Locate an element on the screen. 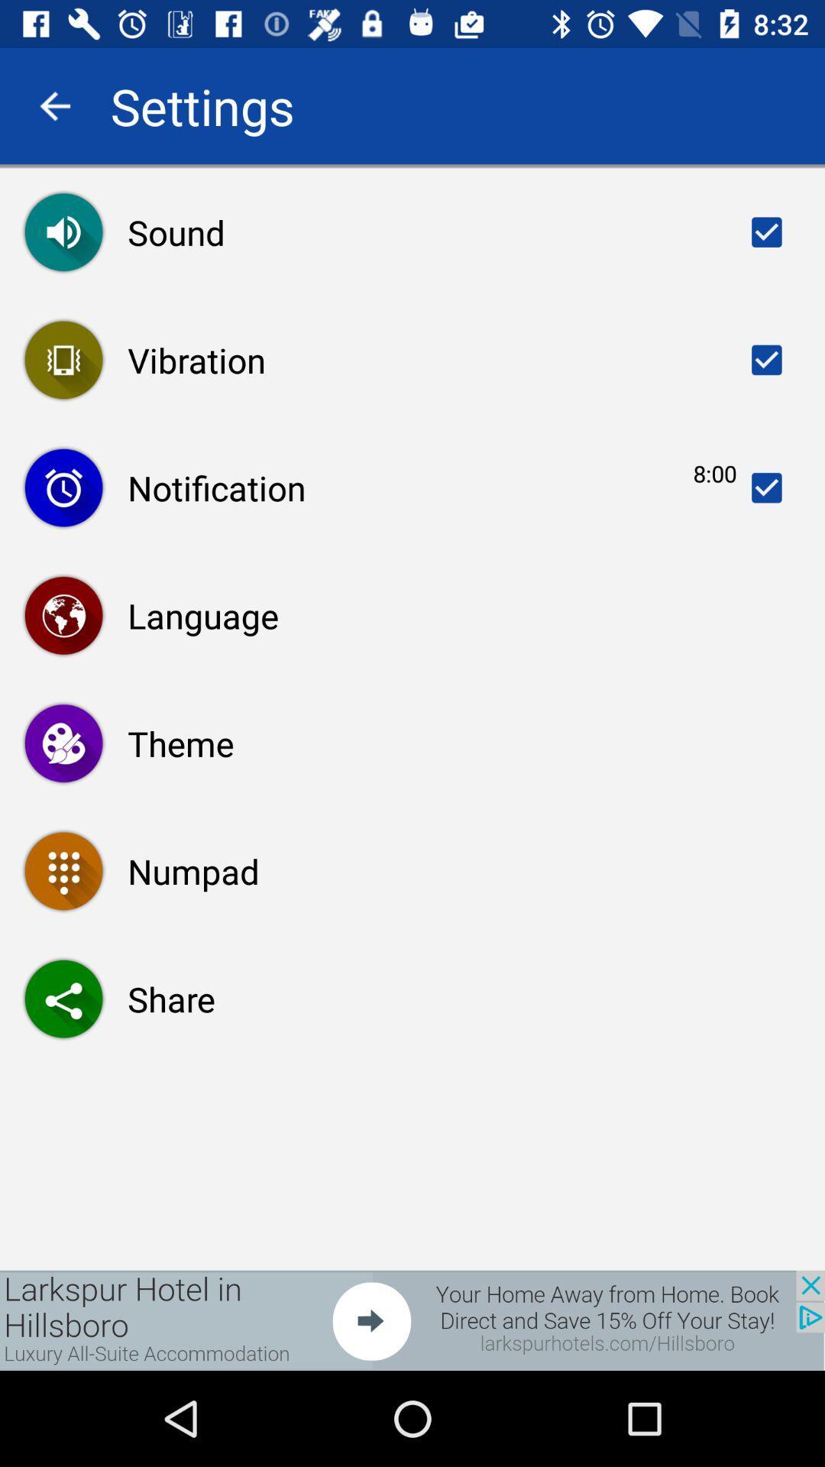 The height and width of the screenshot is (1467, 825). option is located at coordinates (766, 487).